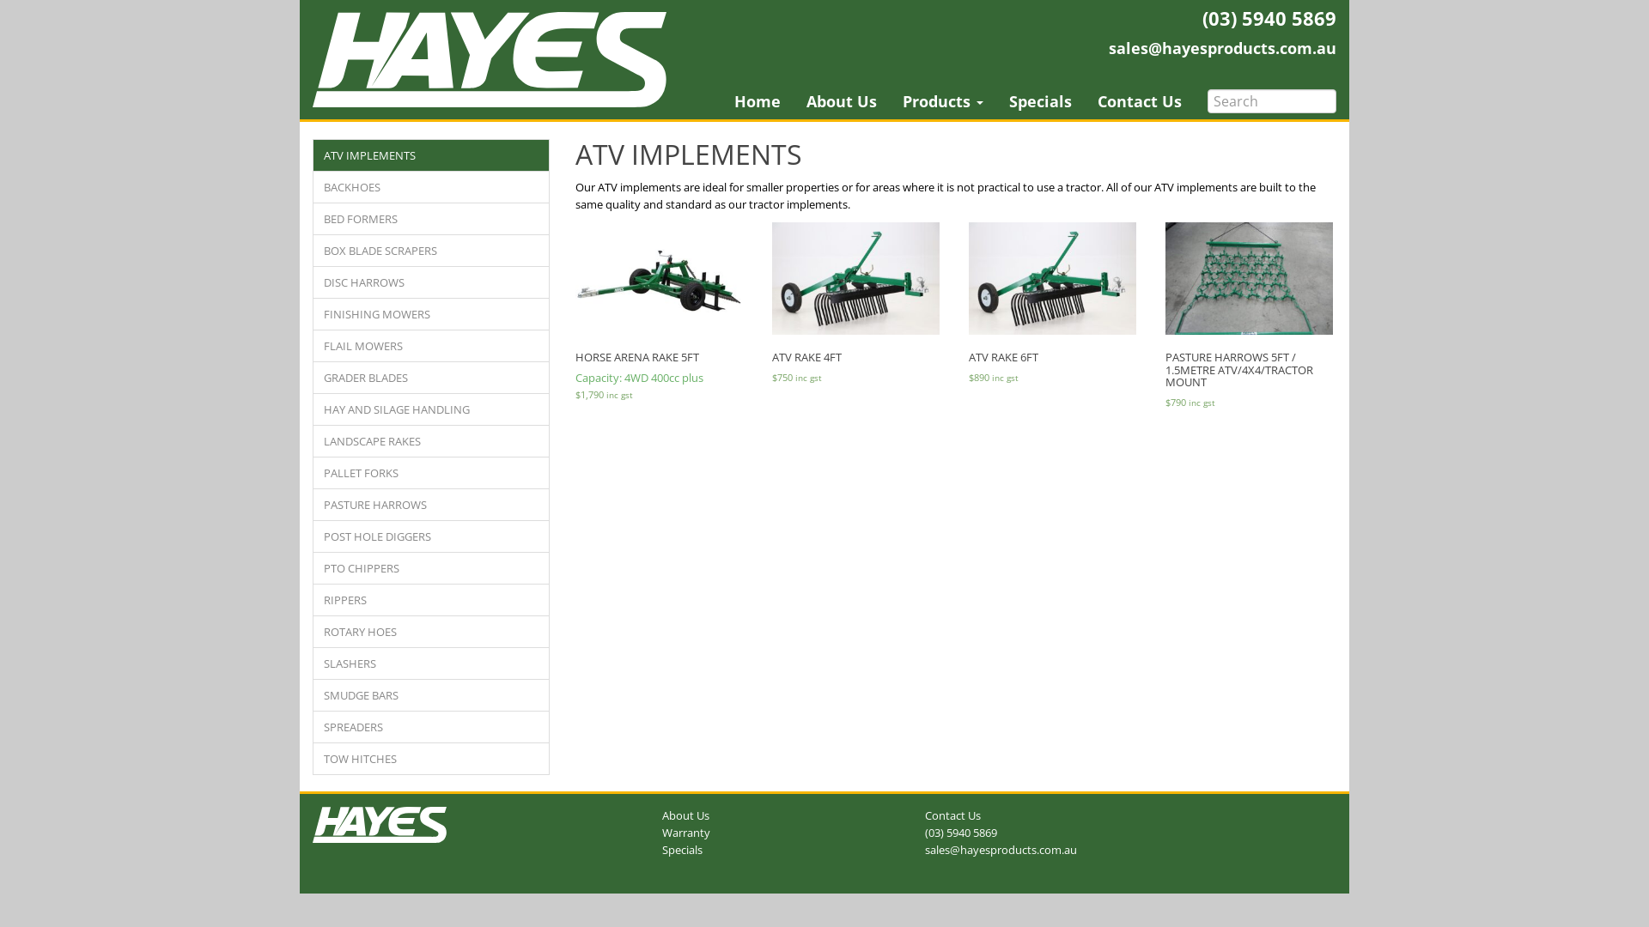 This screenshot has width=1649, height=927. I want to click on 'HORSE ARENA RAKE 5FT, so click(575, 313).